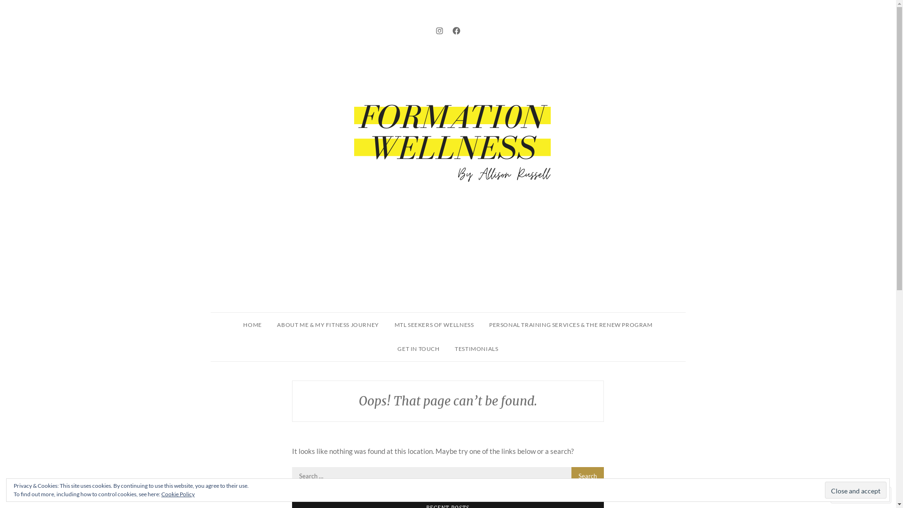  I want to click on 'Search', so click(587, 475).